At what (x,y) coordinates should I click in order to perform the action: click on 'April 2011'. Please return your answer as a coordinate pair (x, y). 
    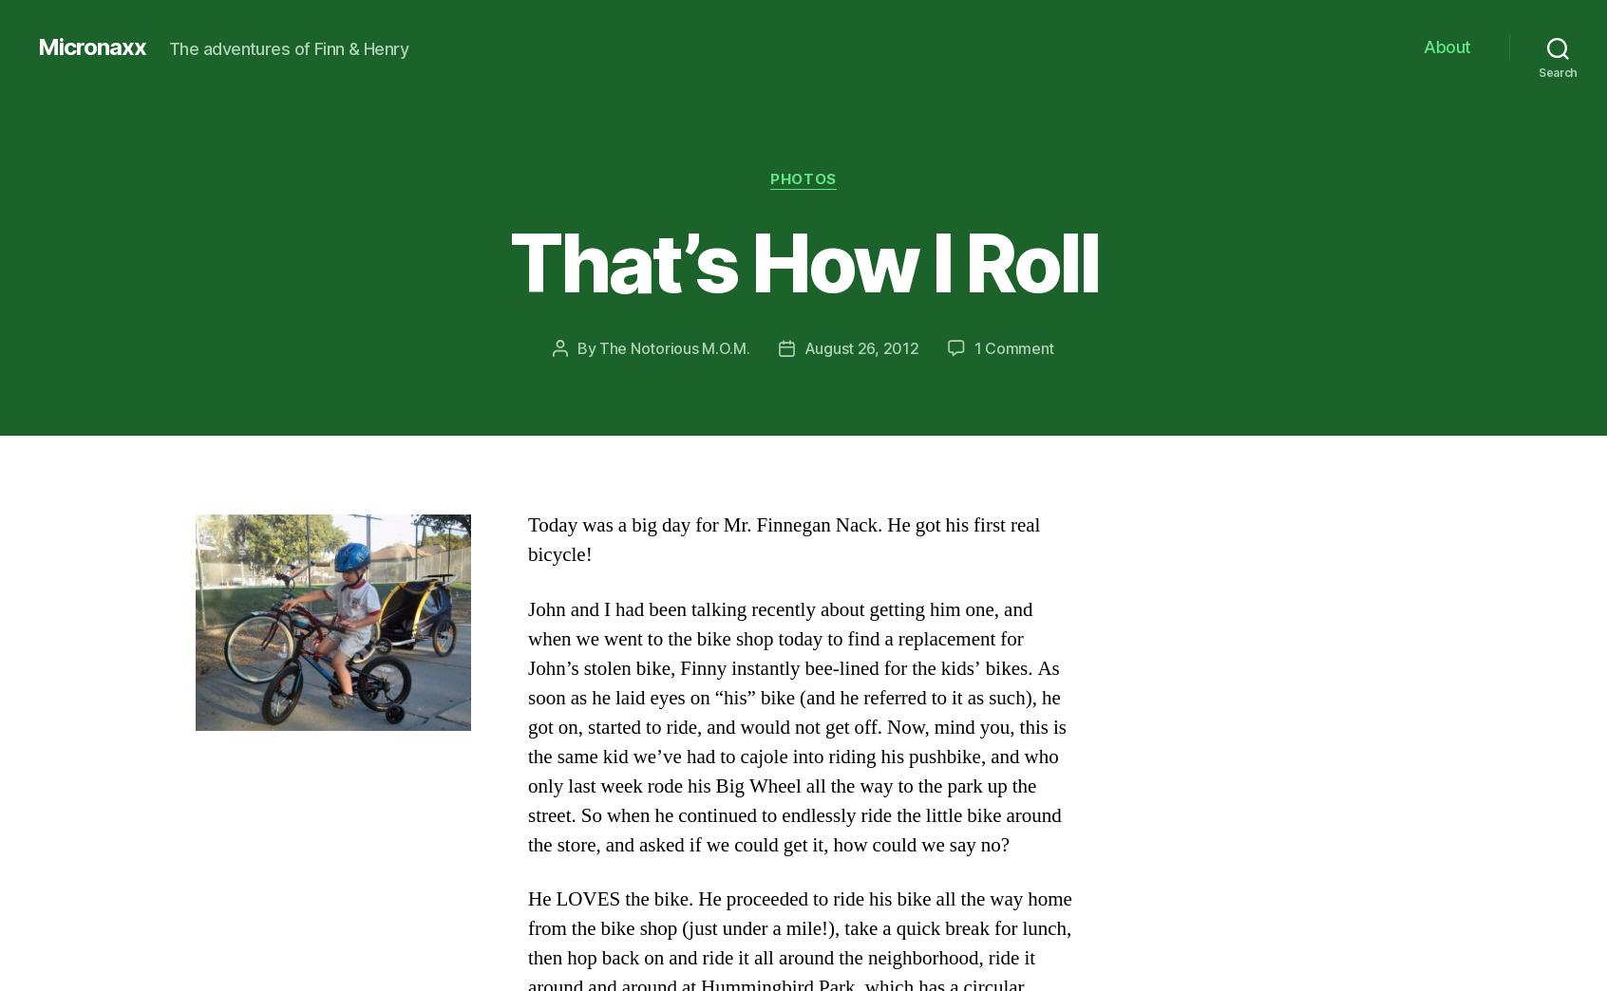
    Looking at the image, I should click on (280, 572).